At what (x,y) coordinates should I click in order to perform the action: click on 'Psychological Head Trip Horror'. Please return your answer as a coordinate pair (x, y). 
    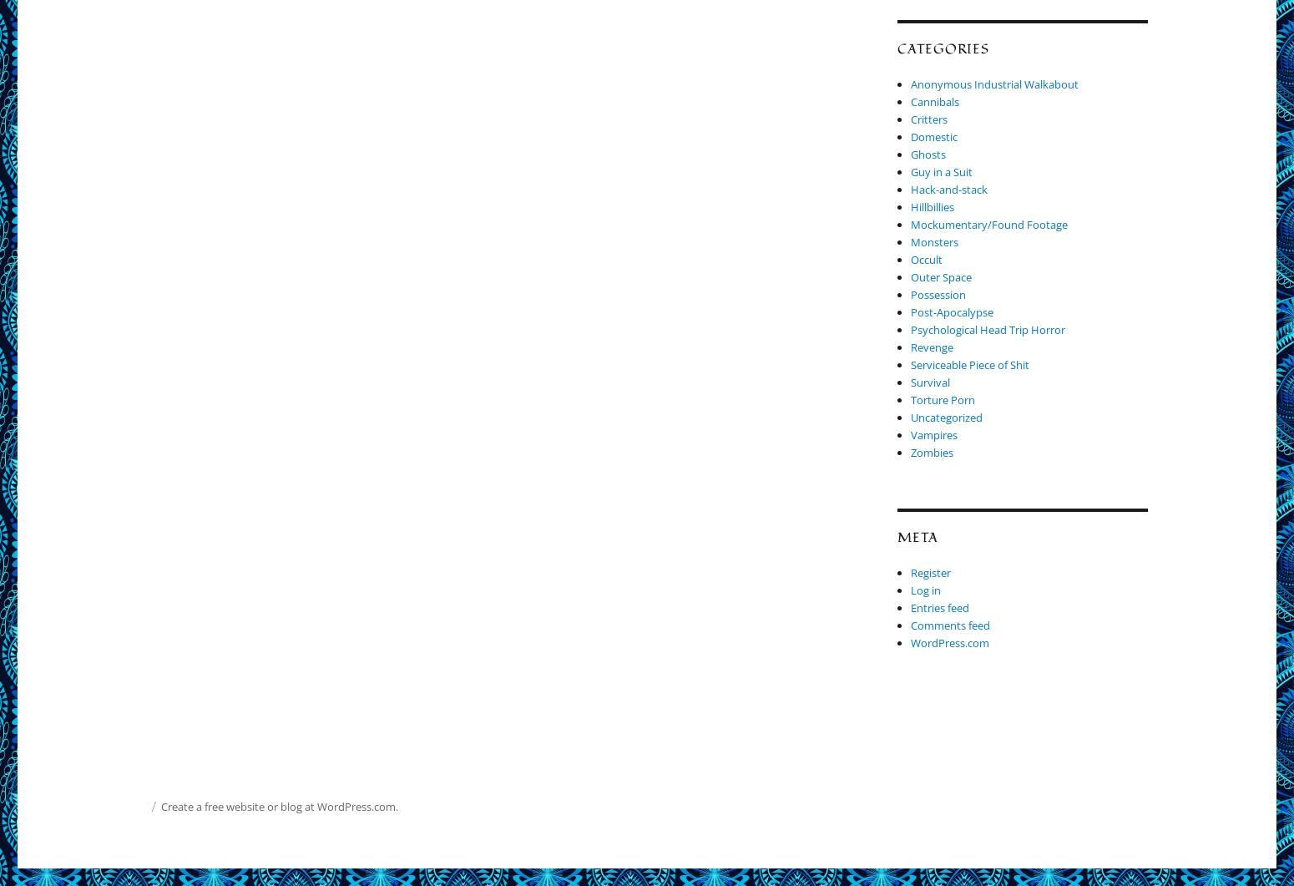
    Looking at the image, I should click on (988, 330).